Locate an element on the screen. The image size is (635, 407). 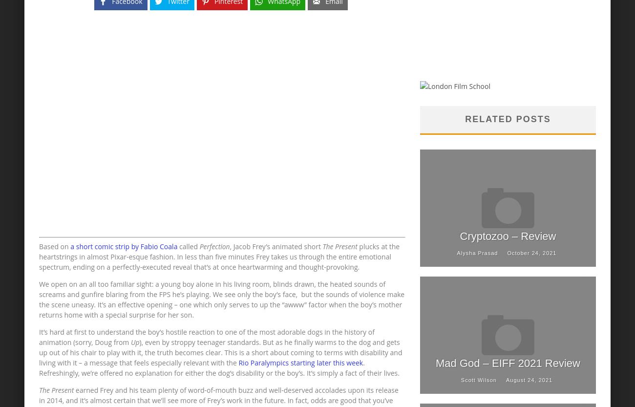
'called' is located at coordinates (188, 246).